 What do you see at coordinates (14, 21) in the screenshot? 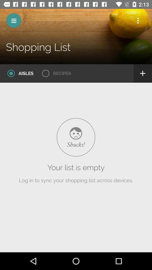
I see `expand the menu` at bounding box center [14, 21].